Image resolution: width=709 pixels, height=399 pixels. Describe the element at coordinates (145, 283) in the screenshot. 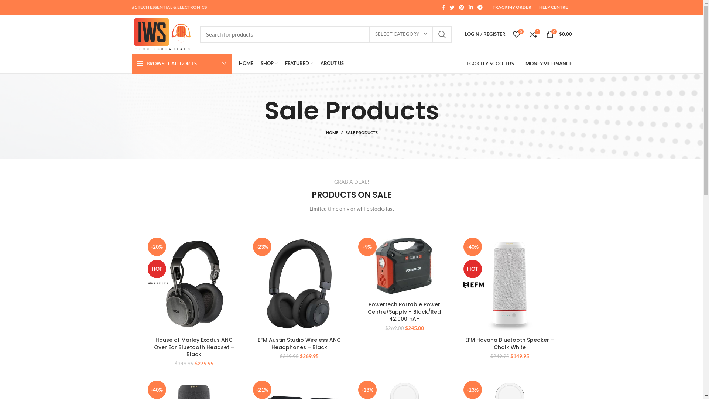

I see `'-20%` at that location.